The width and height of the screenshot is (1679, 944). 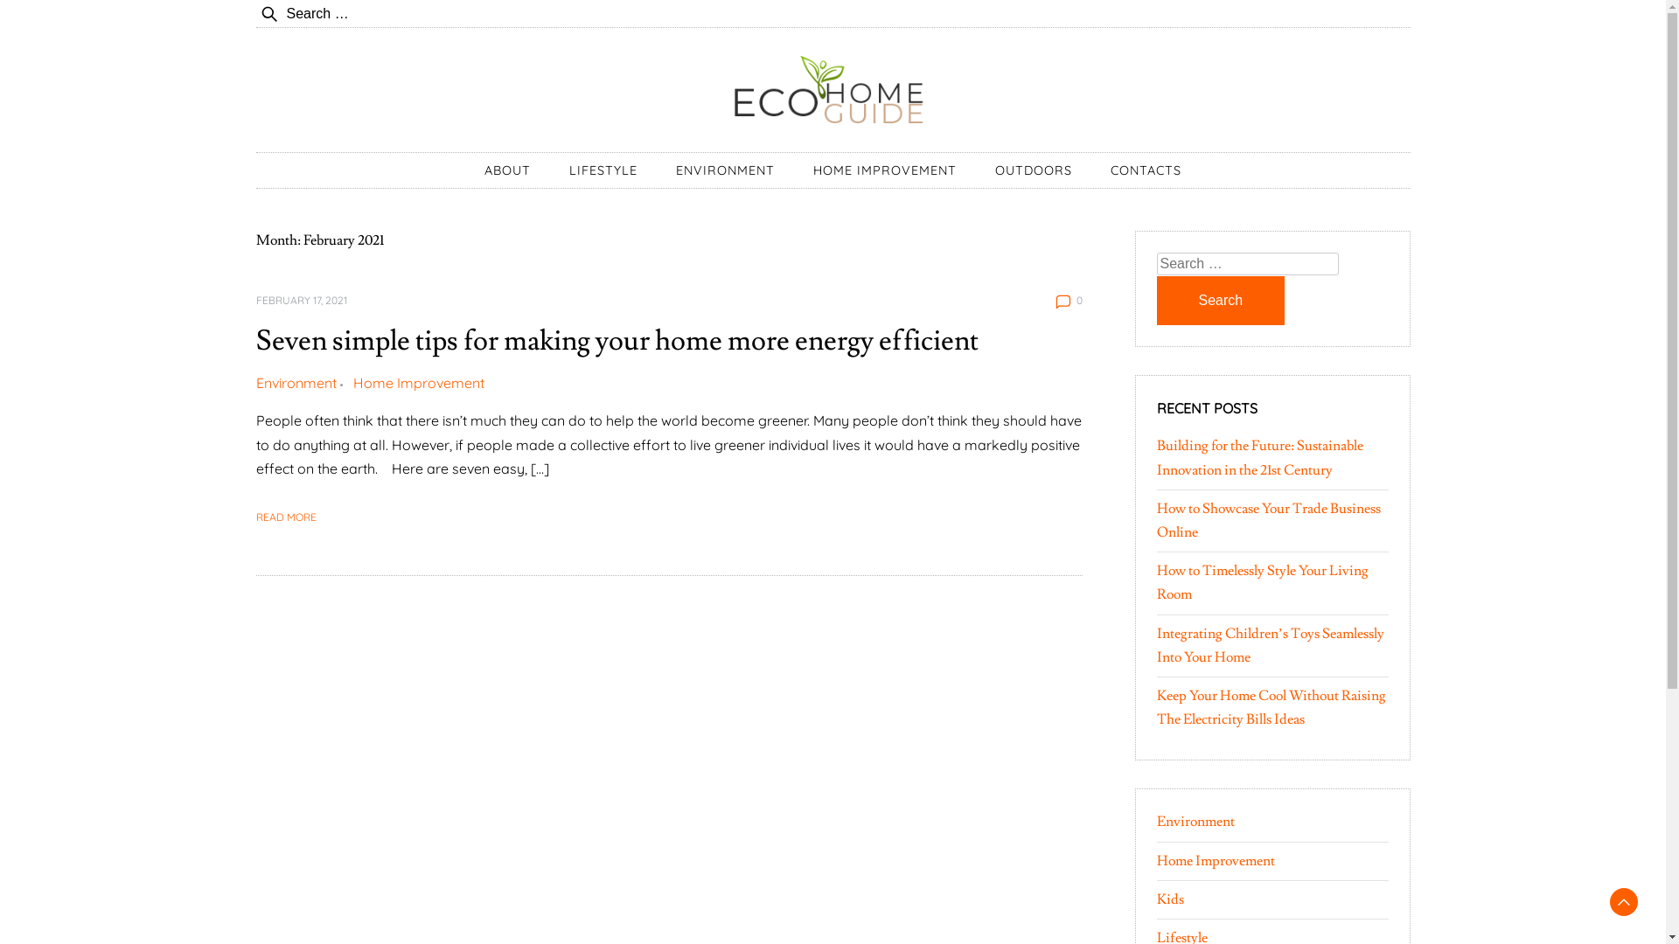 What do you see at coordinates (418, 382) in the screenshot?
I see `'Home Improvement'` at bounding box center [418, 382].